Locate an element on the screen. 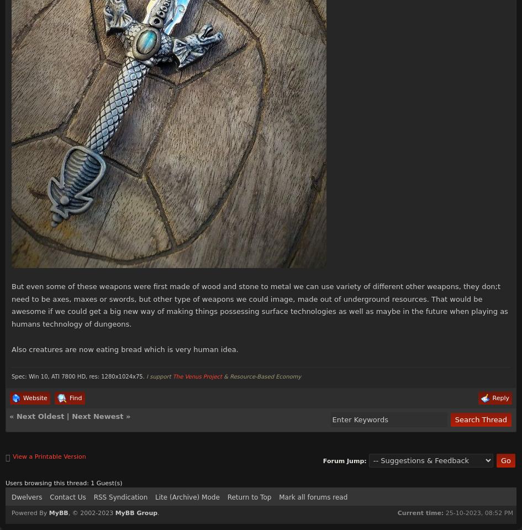 The width and height of the screenshot is (522, 530). 'Next Oldest' is located at coordinates (39, 416).